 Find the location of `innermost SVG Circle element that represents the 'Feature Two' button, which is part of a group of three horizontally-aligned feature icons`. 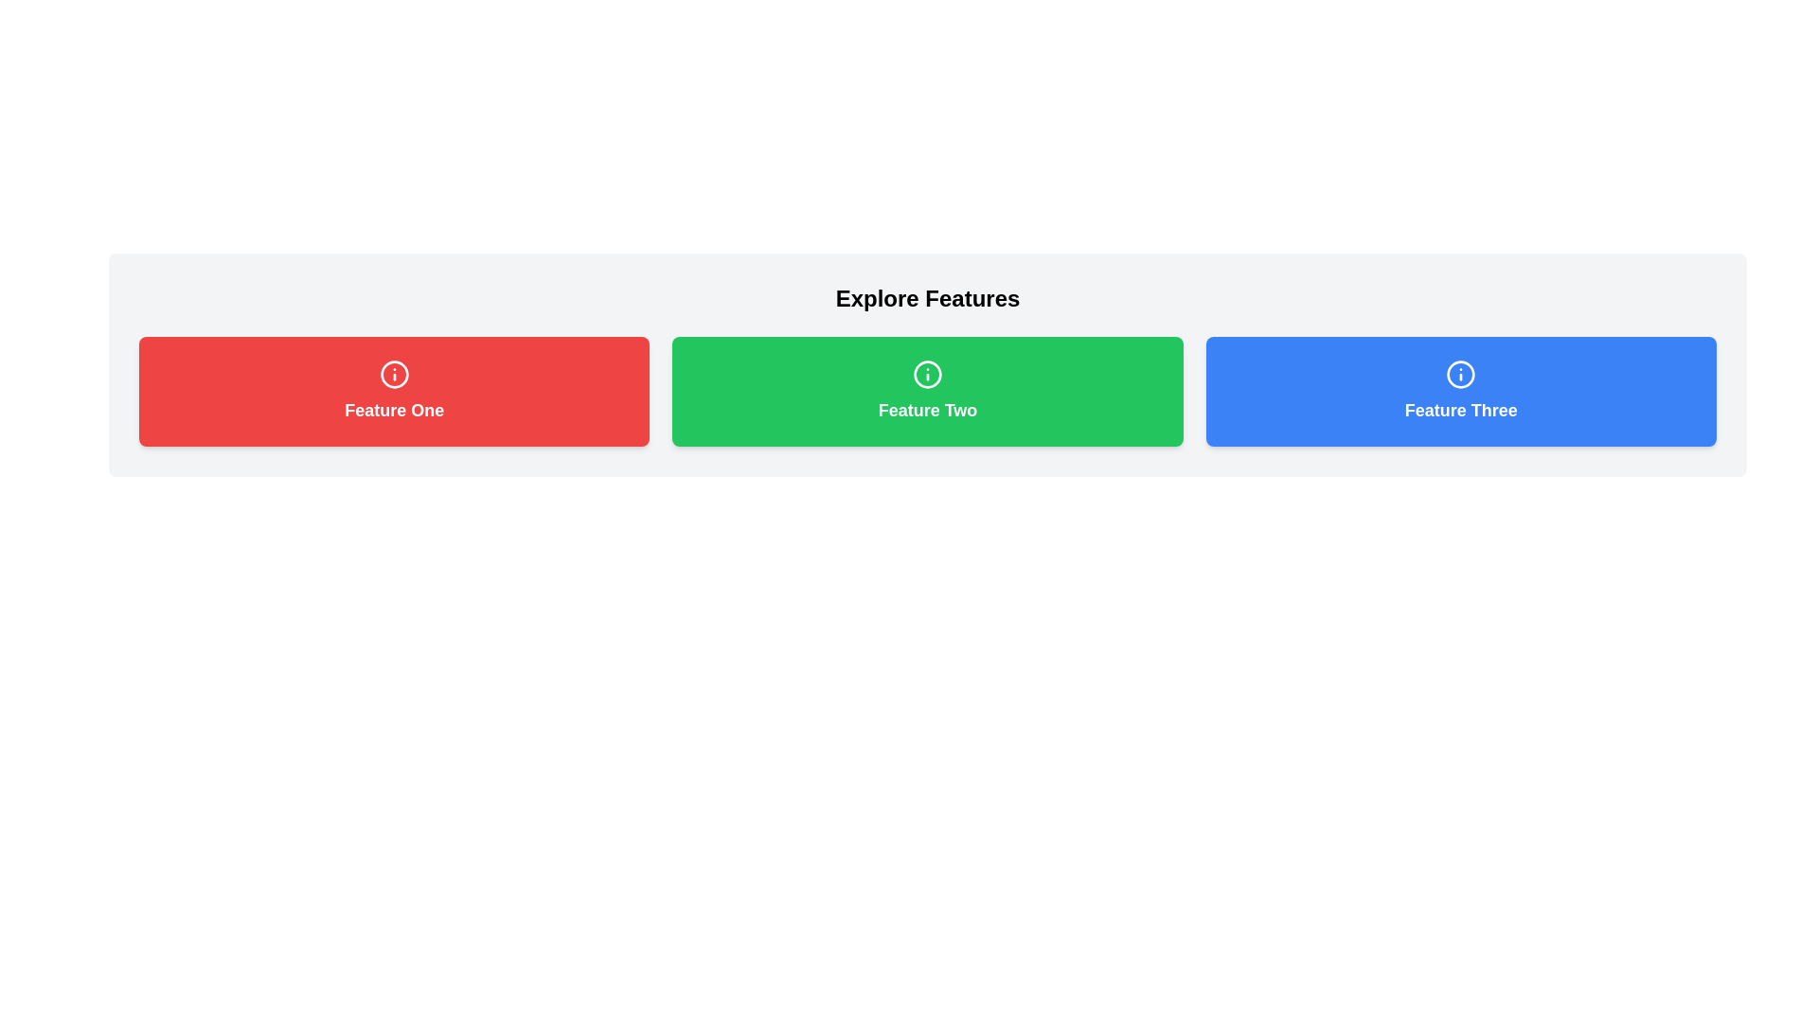

innermost SVG Circle element that represents the 'Feature Two' button, which is part of a group of three horizontally-aligned feature icons is located at coordinates (927, 375).